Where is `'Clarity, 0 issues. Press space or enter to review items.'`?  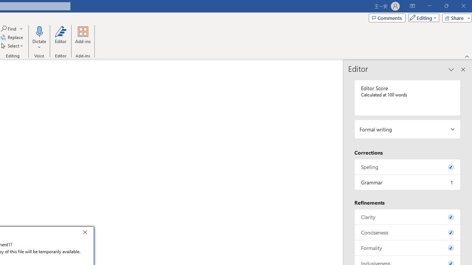
'Clarity, 0 issues. Press space or enter to review items.' is located at coordinates (407, 216).